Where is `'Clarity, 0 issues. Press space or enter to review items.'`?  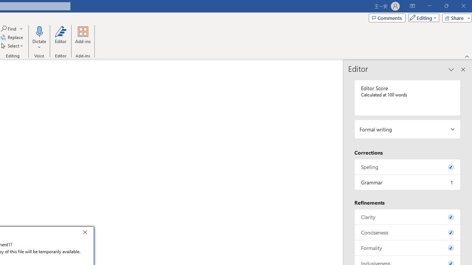
'Clarity, 0 issues. Press space or enter to review items.' is located at coordinates (407, 216).